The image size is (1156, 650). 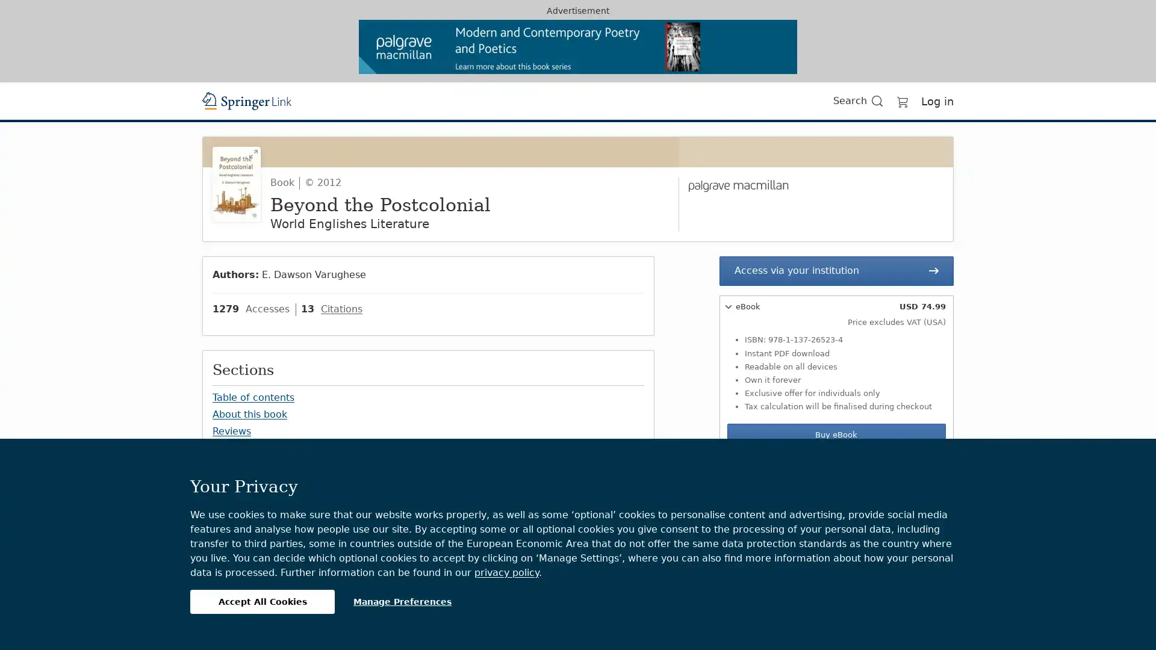 What do you see at coordinates (629, 610) in the screenshot?
I see `Search` at bounding box center [629, 610].